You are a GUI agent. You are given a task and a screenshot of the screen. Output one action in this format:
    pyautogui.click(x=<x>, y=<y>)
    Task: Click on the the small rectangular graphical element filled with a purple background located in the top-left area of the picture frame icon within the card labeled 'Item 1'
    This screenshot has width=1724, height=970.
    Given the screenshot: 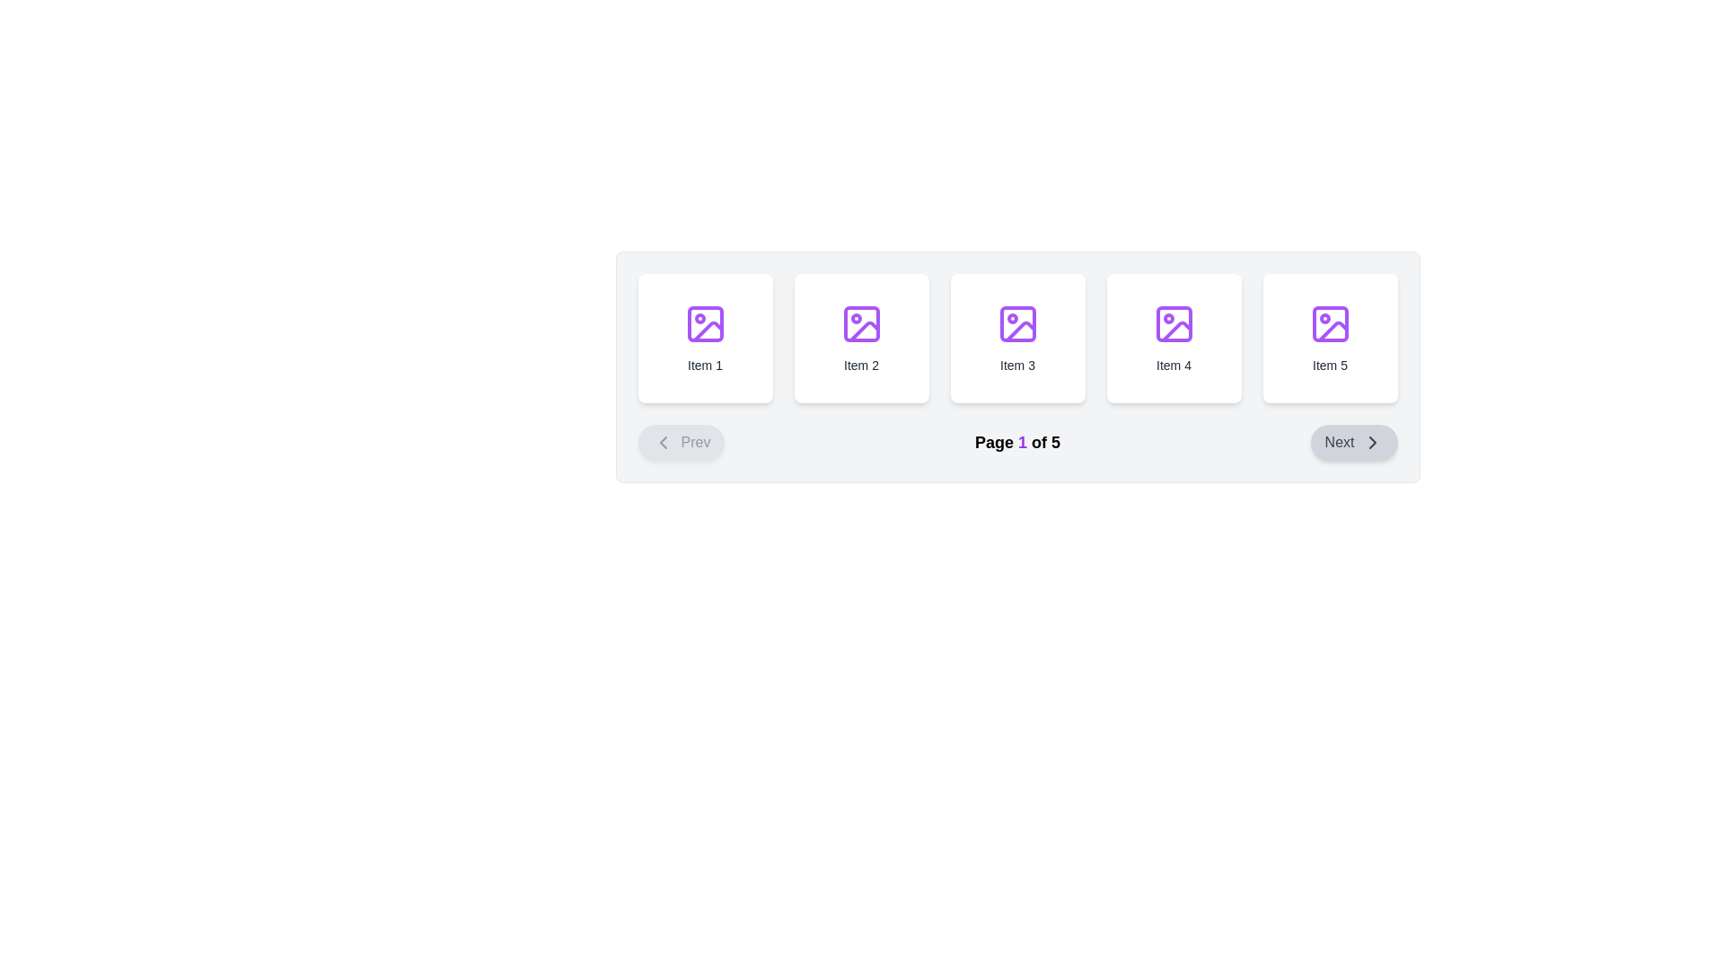 What is the action you would take?
    pyautogui.click(x=704, y=324)
    